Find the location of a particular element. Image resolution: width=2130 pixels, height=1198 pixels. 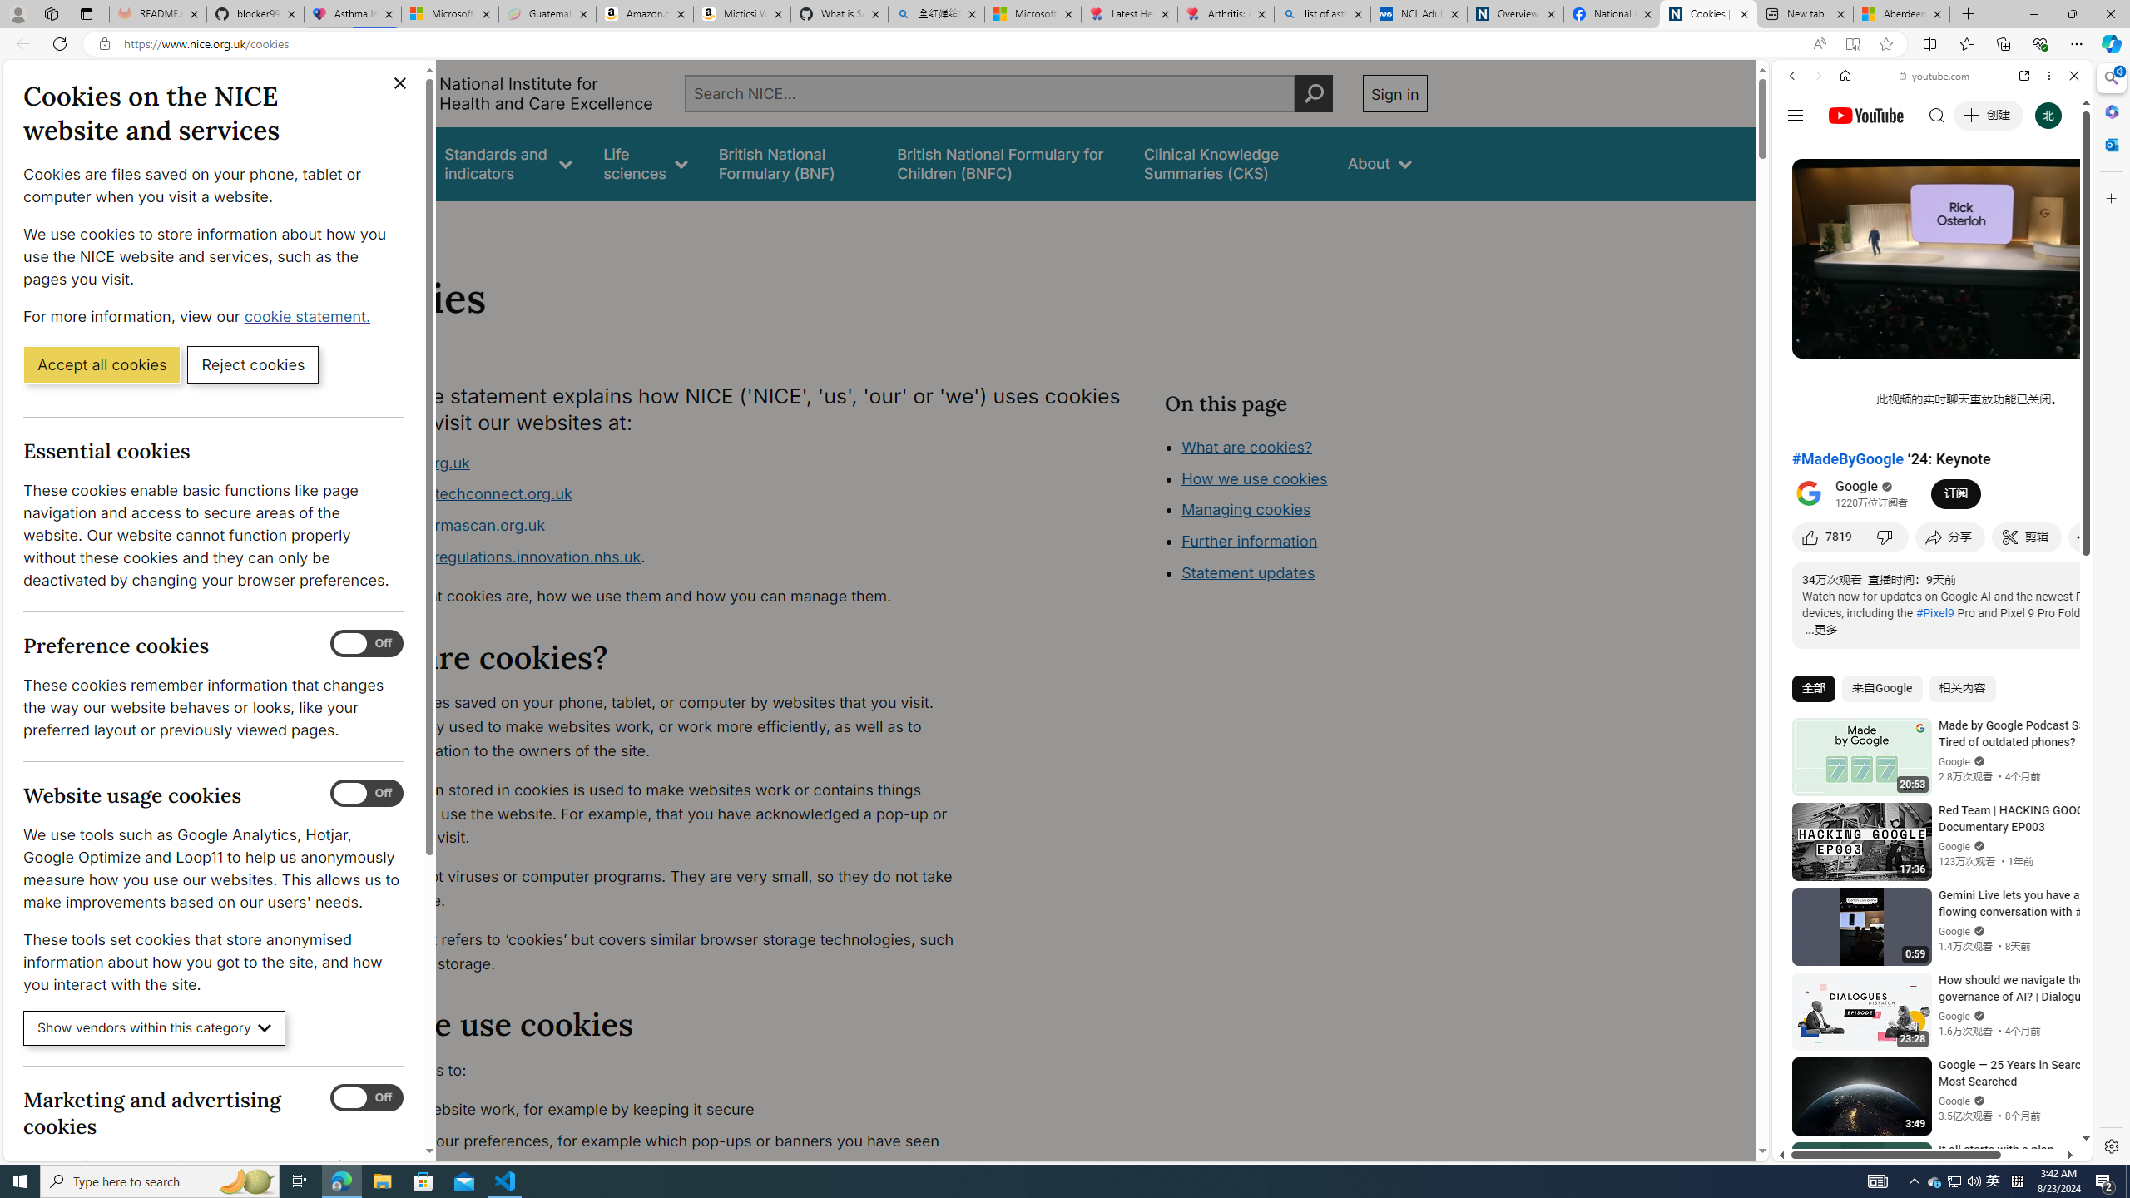

'Search Filter, VIDEOS' is located at coordinates (1902, 189).